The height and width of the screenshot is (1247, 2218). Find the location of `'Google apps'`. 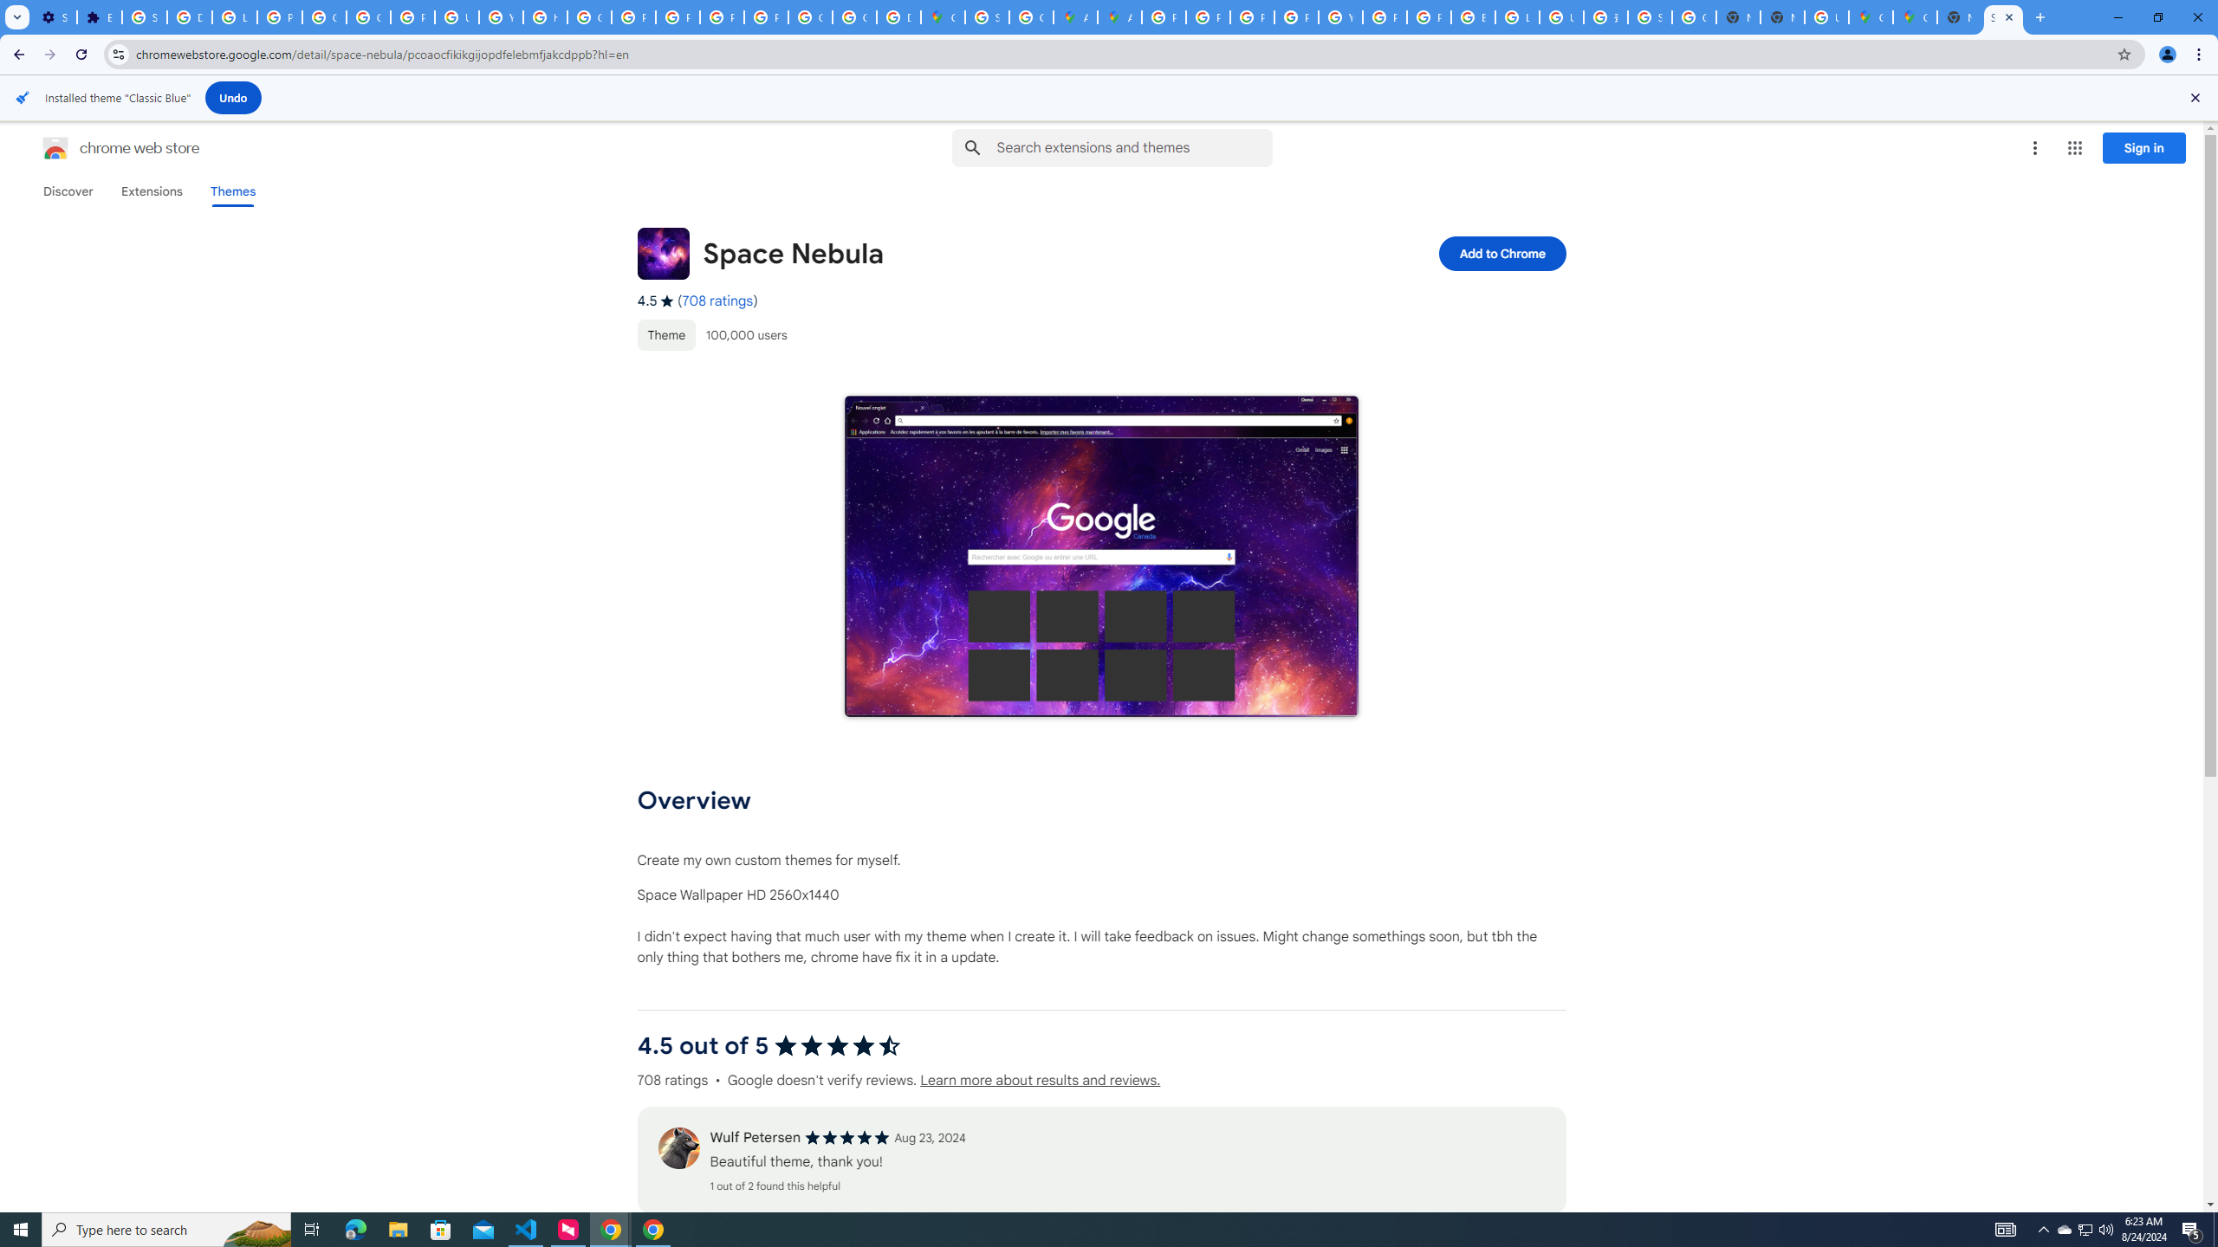

'Google apps' is located at coordinates (2073, 148).